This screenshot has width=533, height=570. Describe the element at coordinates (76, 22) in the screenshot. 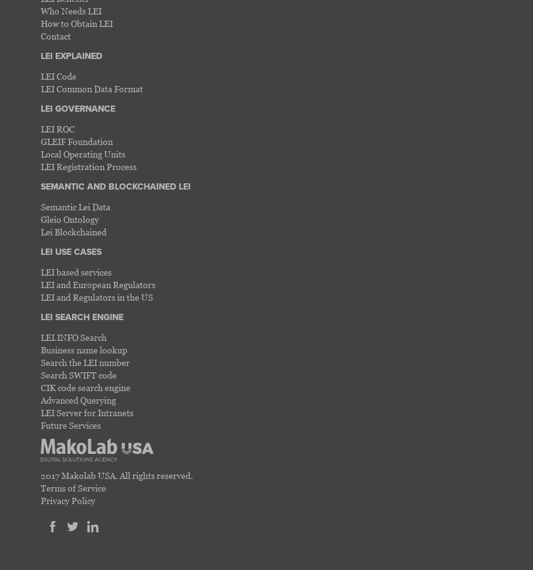

I see `'How to Obtain LEI'` at that location.